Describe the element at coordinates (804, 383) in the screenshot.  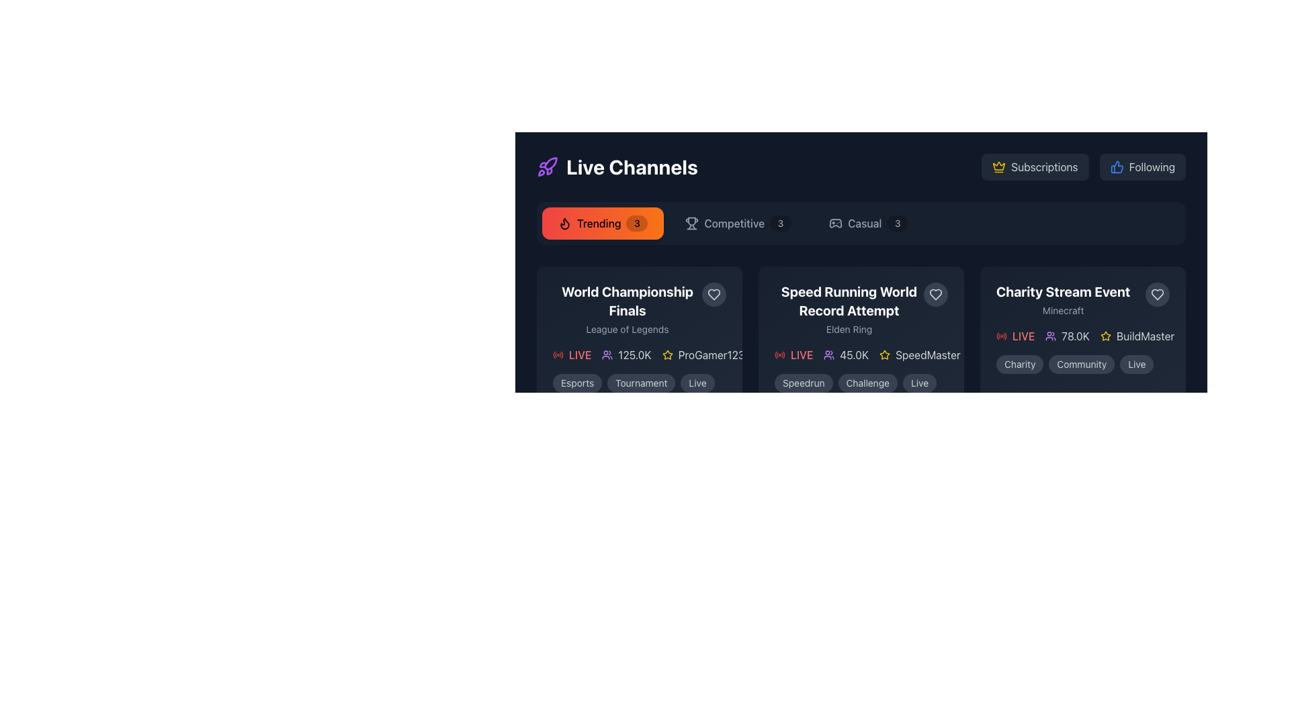
I see `the 'Speedrun' label, which is a pill-shaped label with dark gray background and lighter gray text, located at the bottom of the 'Speed Running World Record Attempt' card in the 'Live Channels' section` at that location.